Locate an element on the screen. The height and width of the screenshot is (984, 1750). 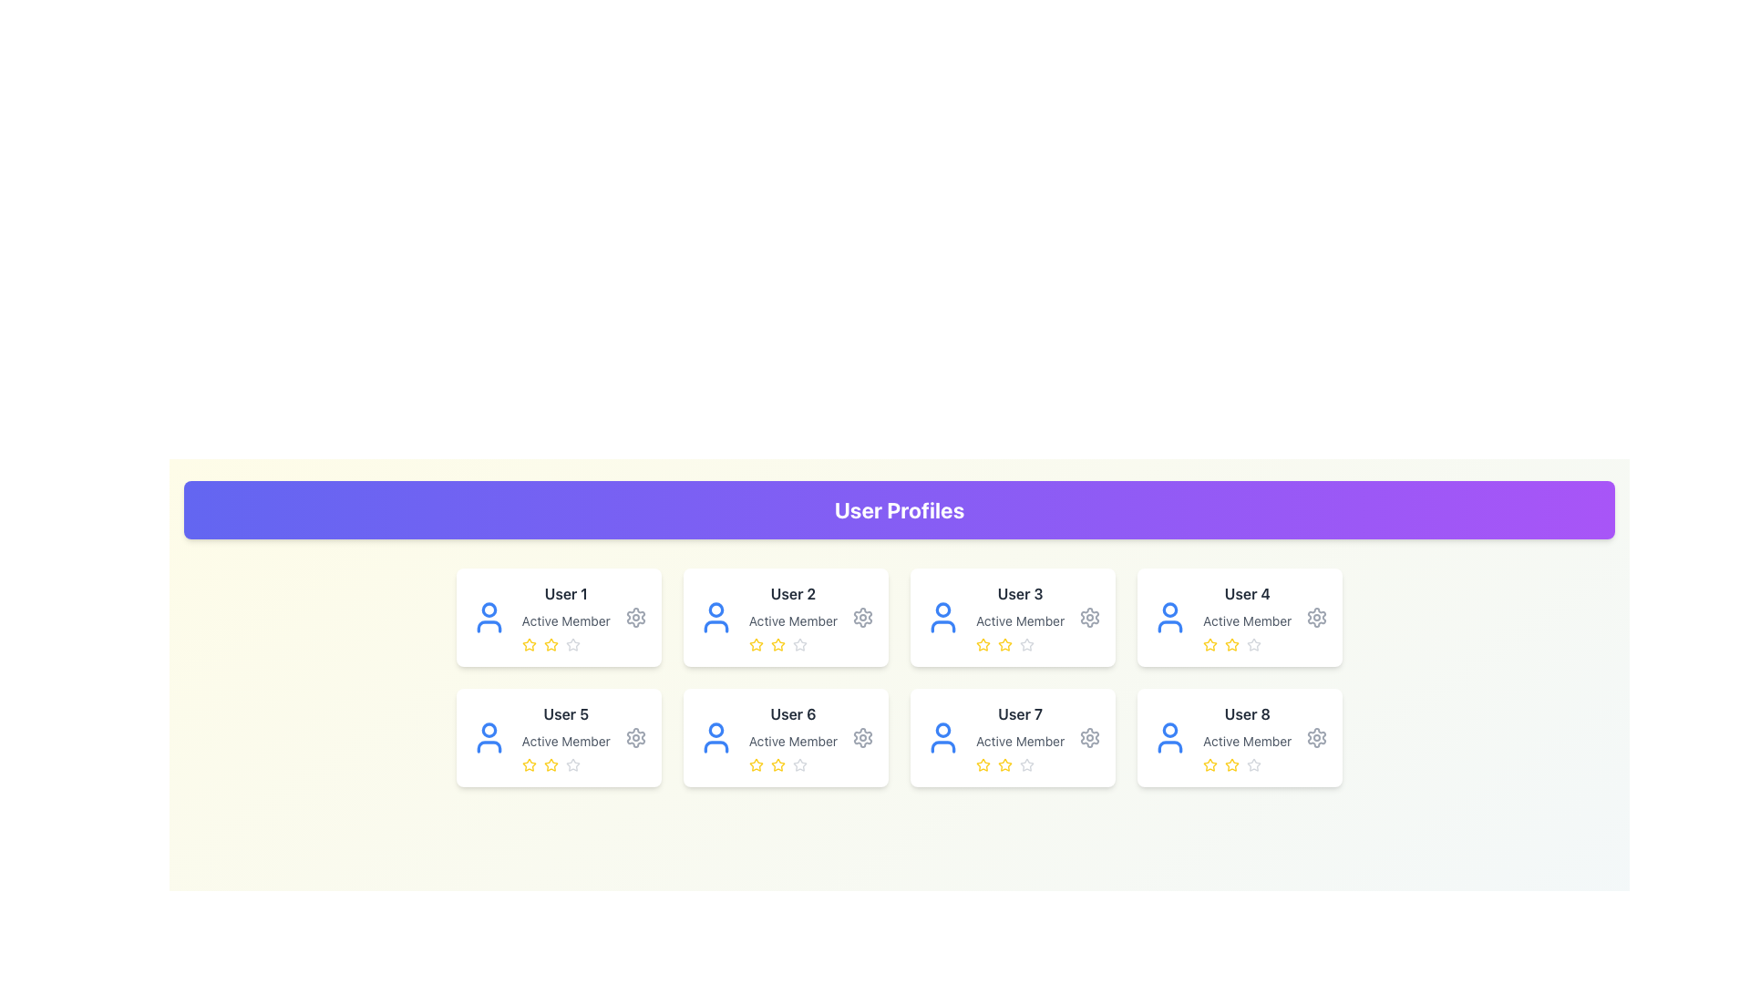
the circular icon representing the user avatar within the profile card titled 'User 4', located at the center of the card's upper section is located at coordinates (1170, 610).